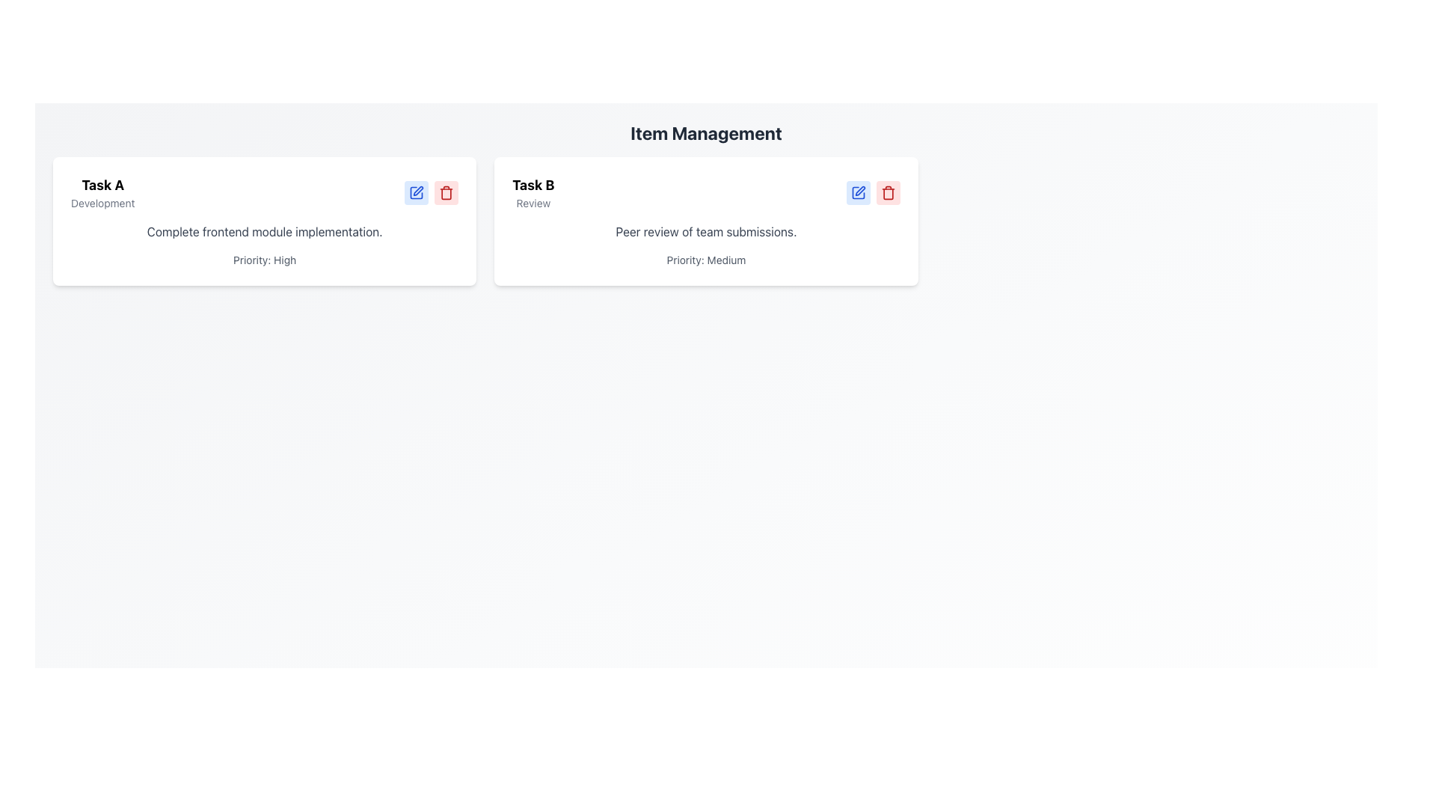  Describe the element at coordinates (430, 192) in the screenshot. I see `the edit and delete buttons in the group of buttons located in the top-right section of the 'Task A' card` at that location.